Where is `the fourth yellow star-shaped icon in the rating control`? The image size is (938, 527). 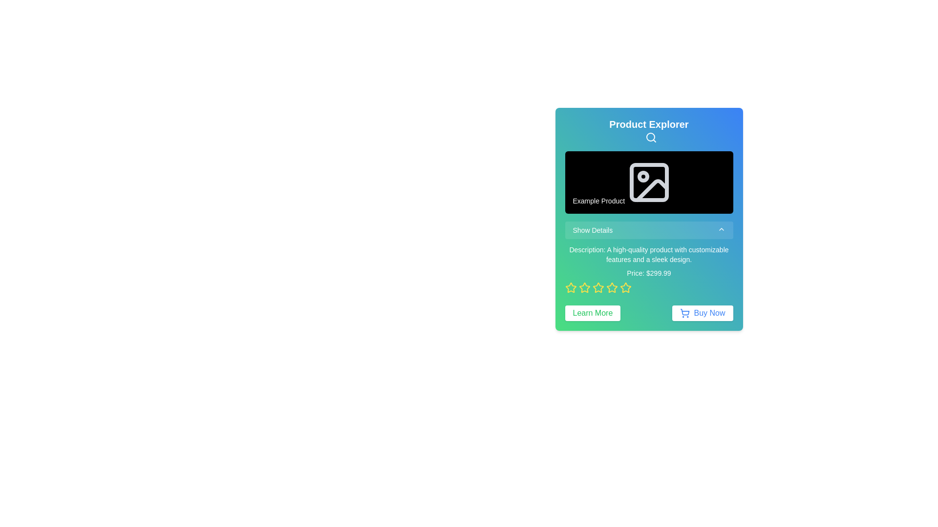 the fourth yellow star-shaped icon in the rating control is located at coordinates (597, 287).